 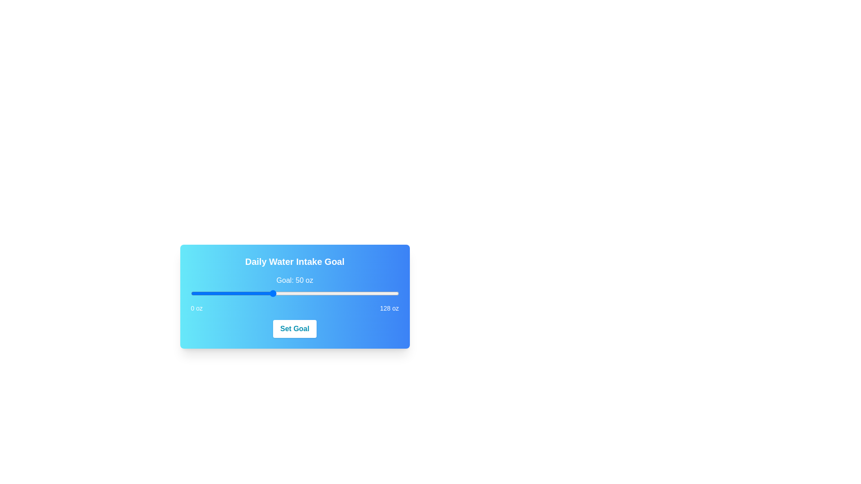 I want to click on the 'Set Goal' button, so click(x=295, y=328).